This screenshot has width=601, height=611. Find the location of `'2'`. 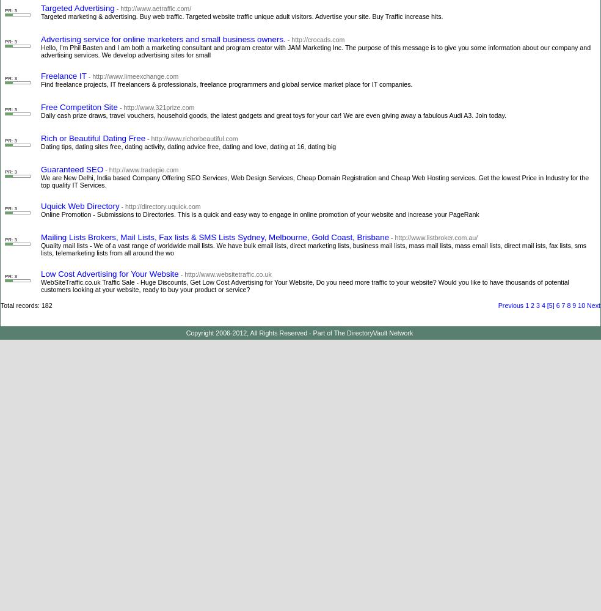

'2' is located at coordinates (533, 304).